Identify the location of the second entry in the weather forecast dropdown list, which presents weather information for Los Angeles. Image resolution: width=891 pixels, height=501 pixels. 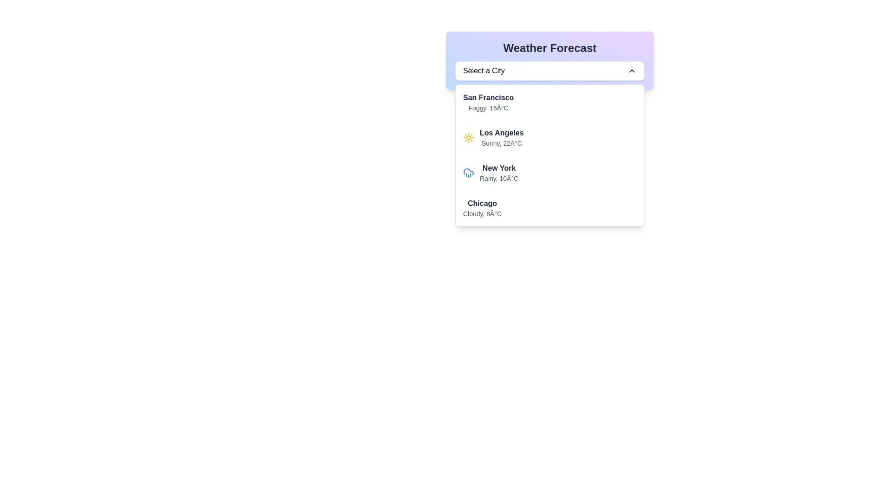
(550, 138).